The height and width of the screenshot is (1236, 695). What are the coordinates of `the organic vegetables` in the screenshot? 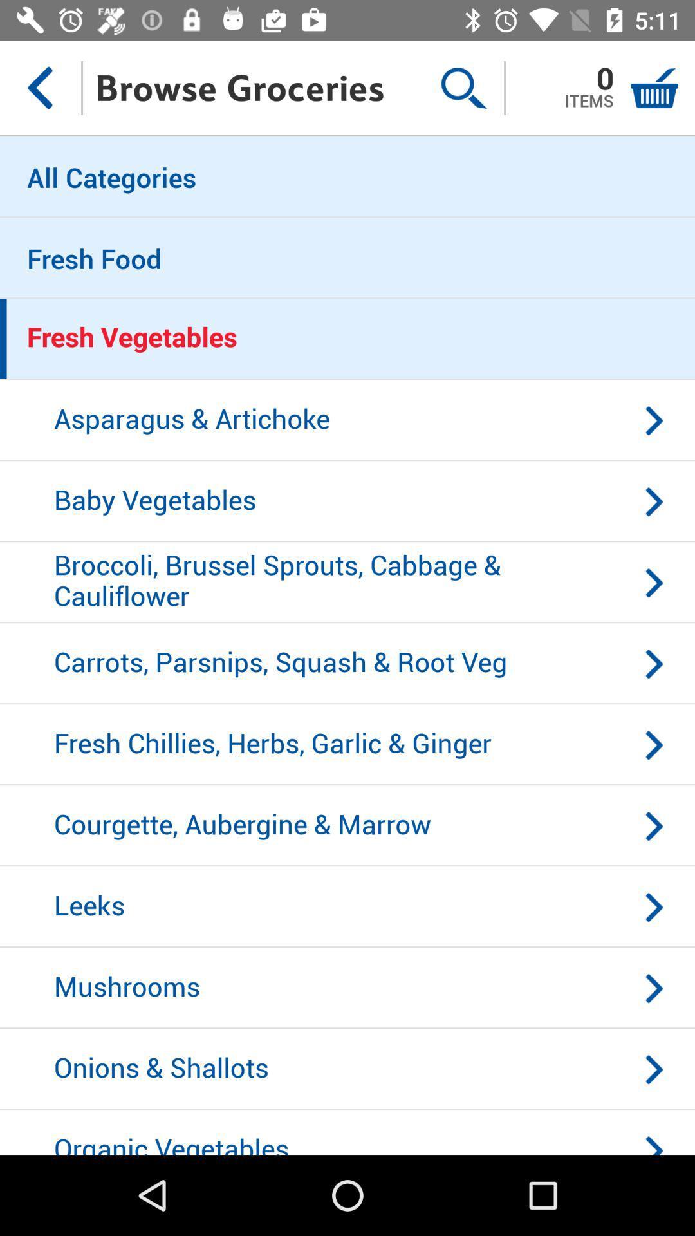 It's located at (347, 1132).